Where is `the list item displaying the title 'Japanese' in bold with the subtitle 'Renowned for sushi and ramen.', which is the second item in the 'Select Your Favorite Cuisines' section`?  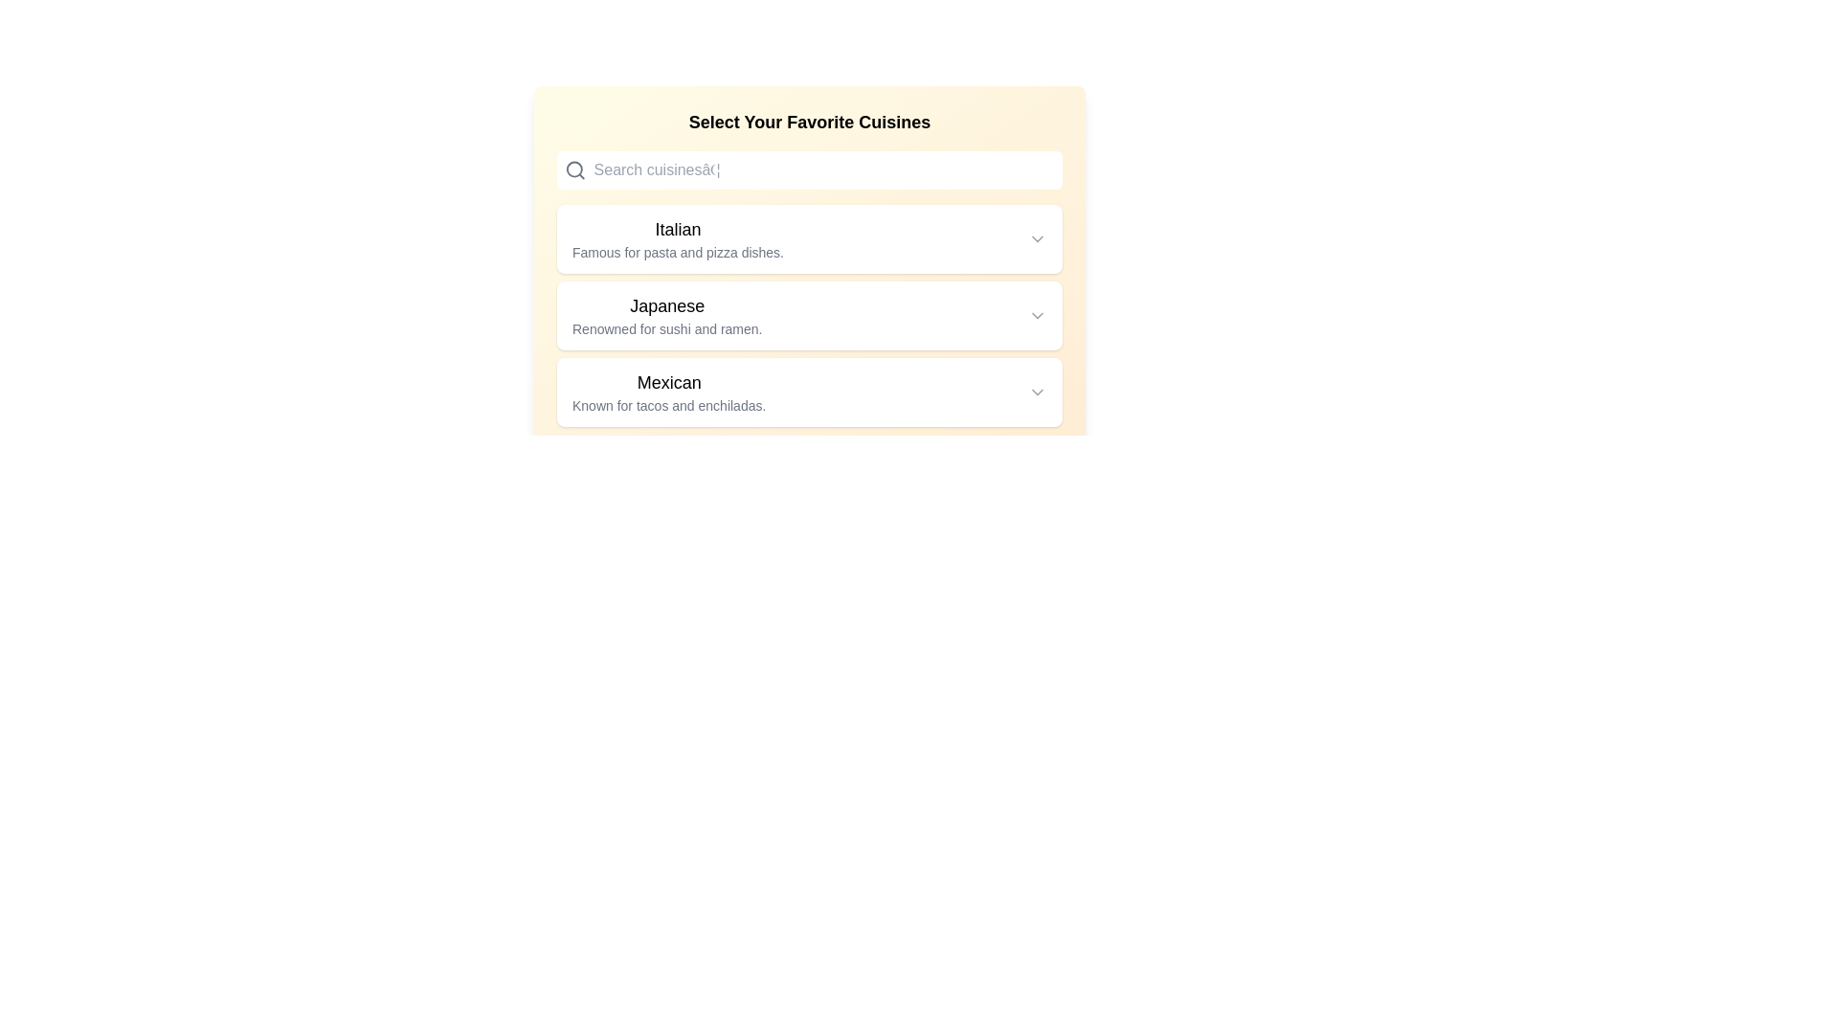 the list item displaying the title 'Japanese' in bold with the subtitle 'Renowned for sushi and ramen.', which is the second item in the 'Select Your Favorite Cuisines' section is located at coordinates (809, 315).